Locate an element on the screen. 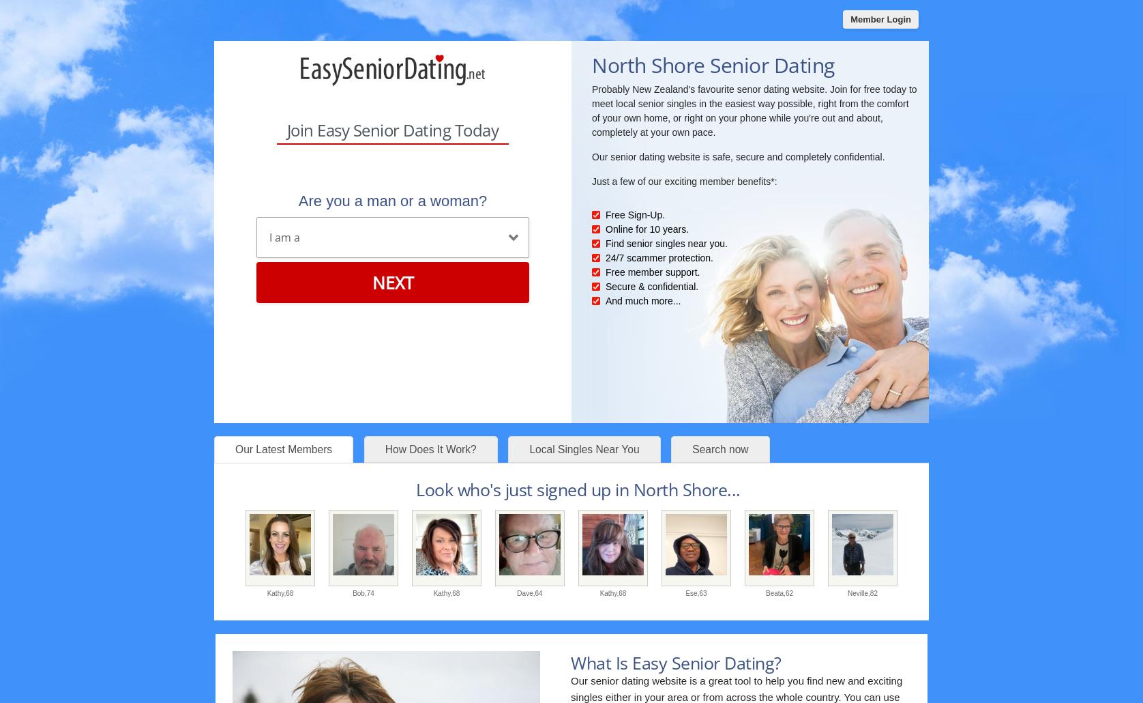  'Dave' is located at coordinates (516, 592).